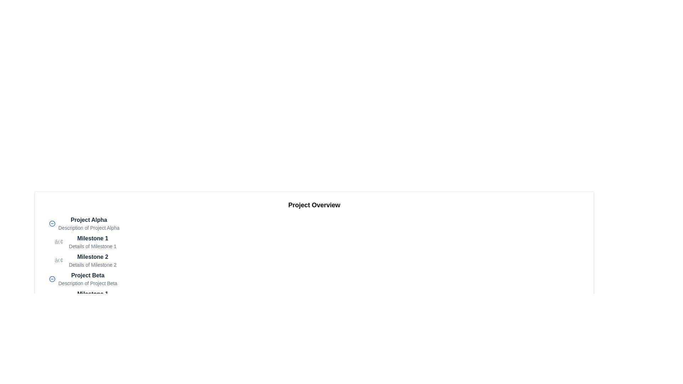  What do you see at coordinates (92, 242) in the screenshot?
I see `the Multiline labeled text element that displays 'Milestone 1' and 'Details of Milestone 1', located within the 'Project Alpha' group` at bounding box center [92, 242].